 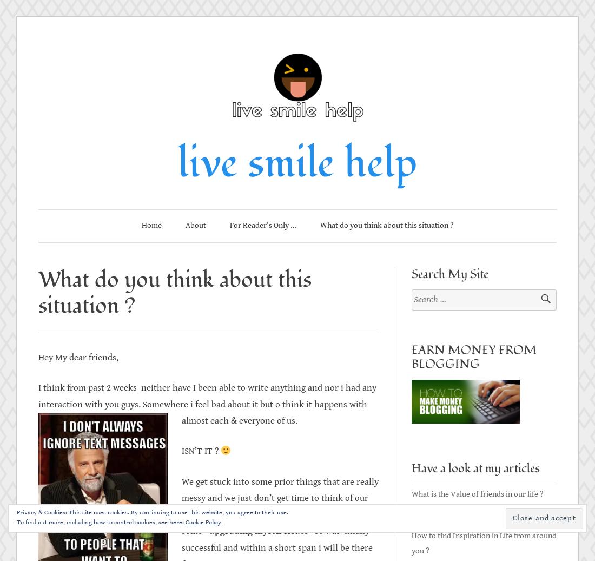 I want to click on 'About', so click(x=195, y=225).